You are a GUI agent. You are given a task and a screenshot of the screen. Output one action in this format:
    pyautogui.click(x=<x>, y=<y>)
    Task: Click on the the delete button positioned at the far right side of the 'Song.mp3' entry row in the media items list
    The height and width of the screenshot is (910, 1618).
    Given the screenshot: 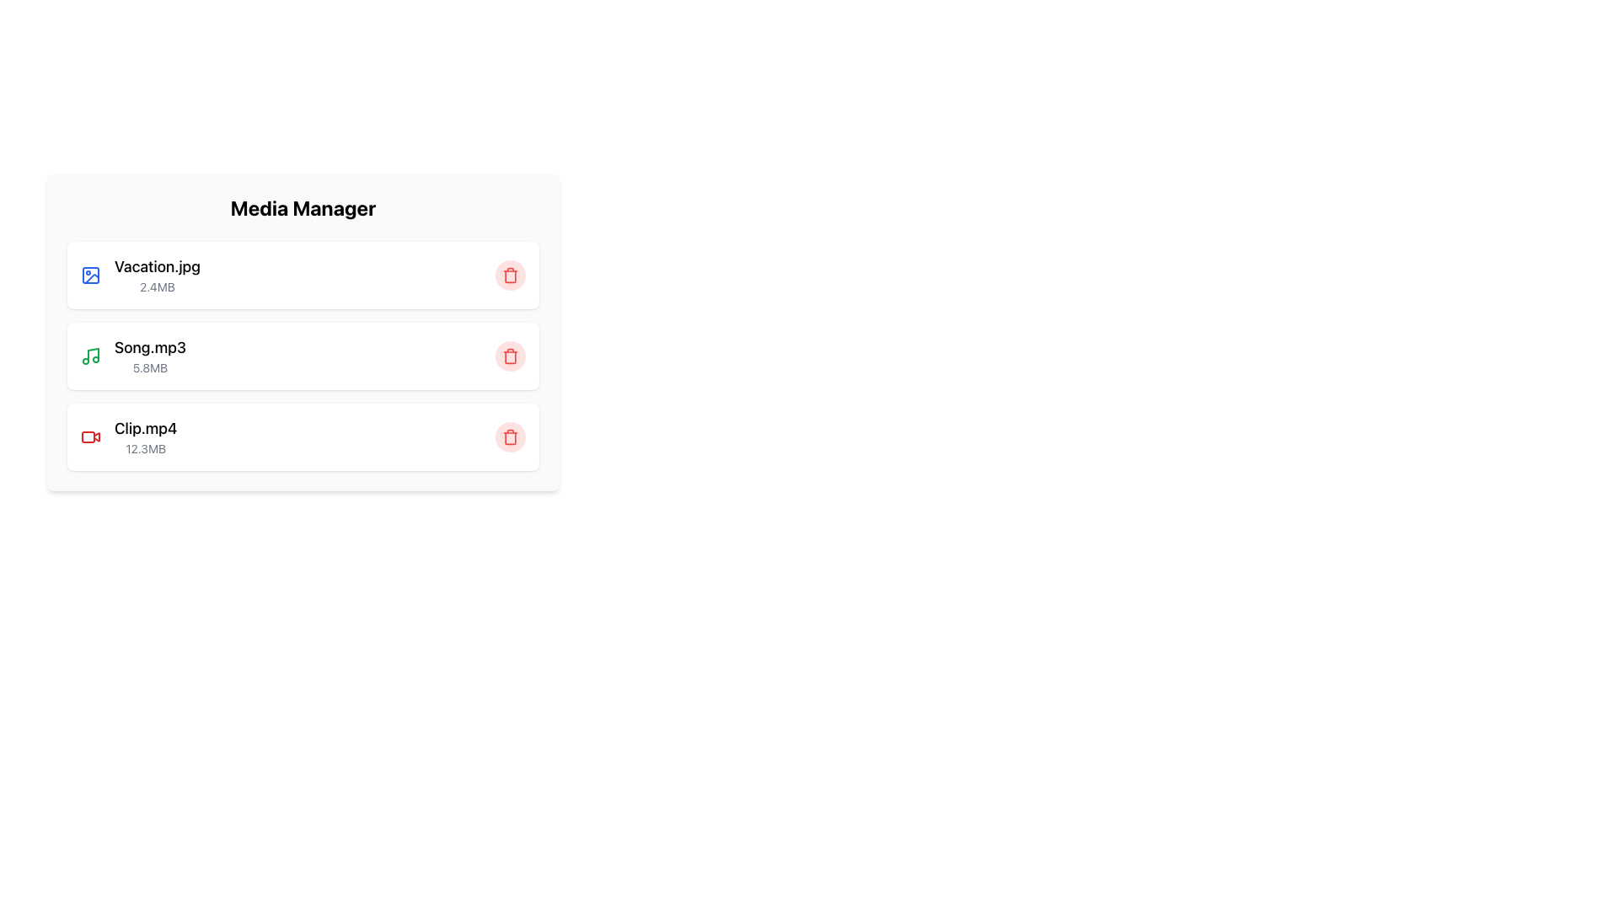 What is the action you would take?
    pyautogui.click(x=509, y=356)
    